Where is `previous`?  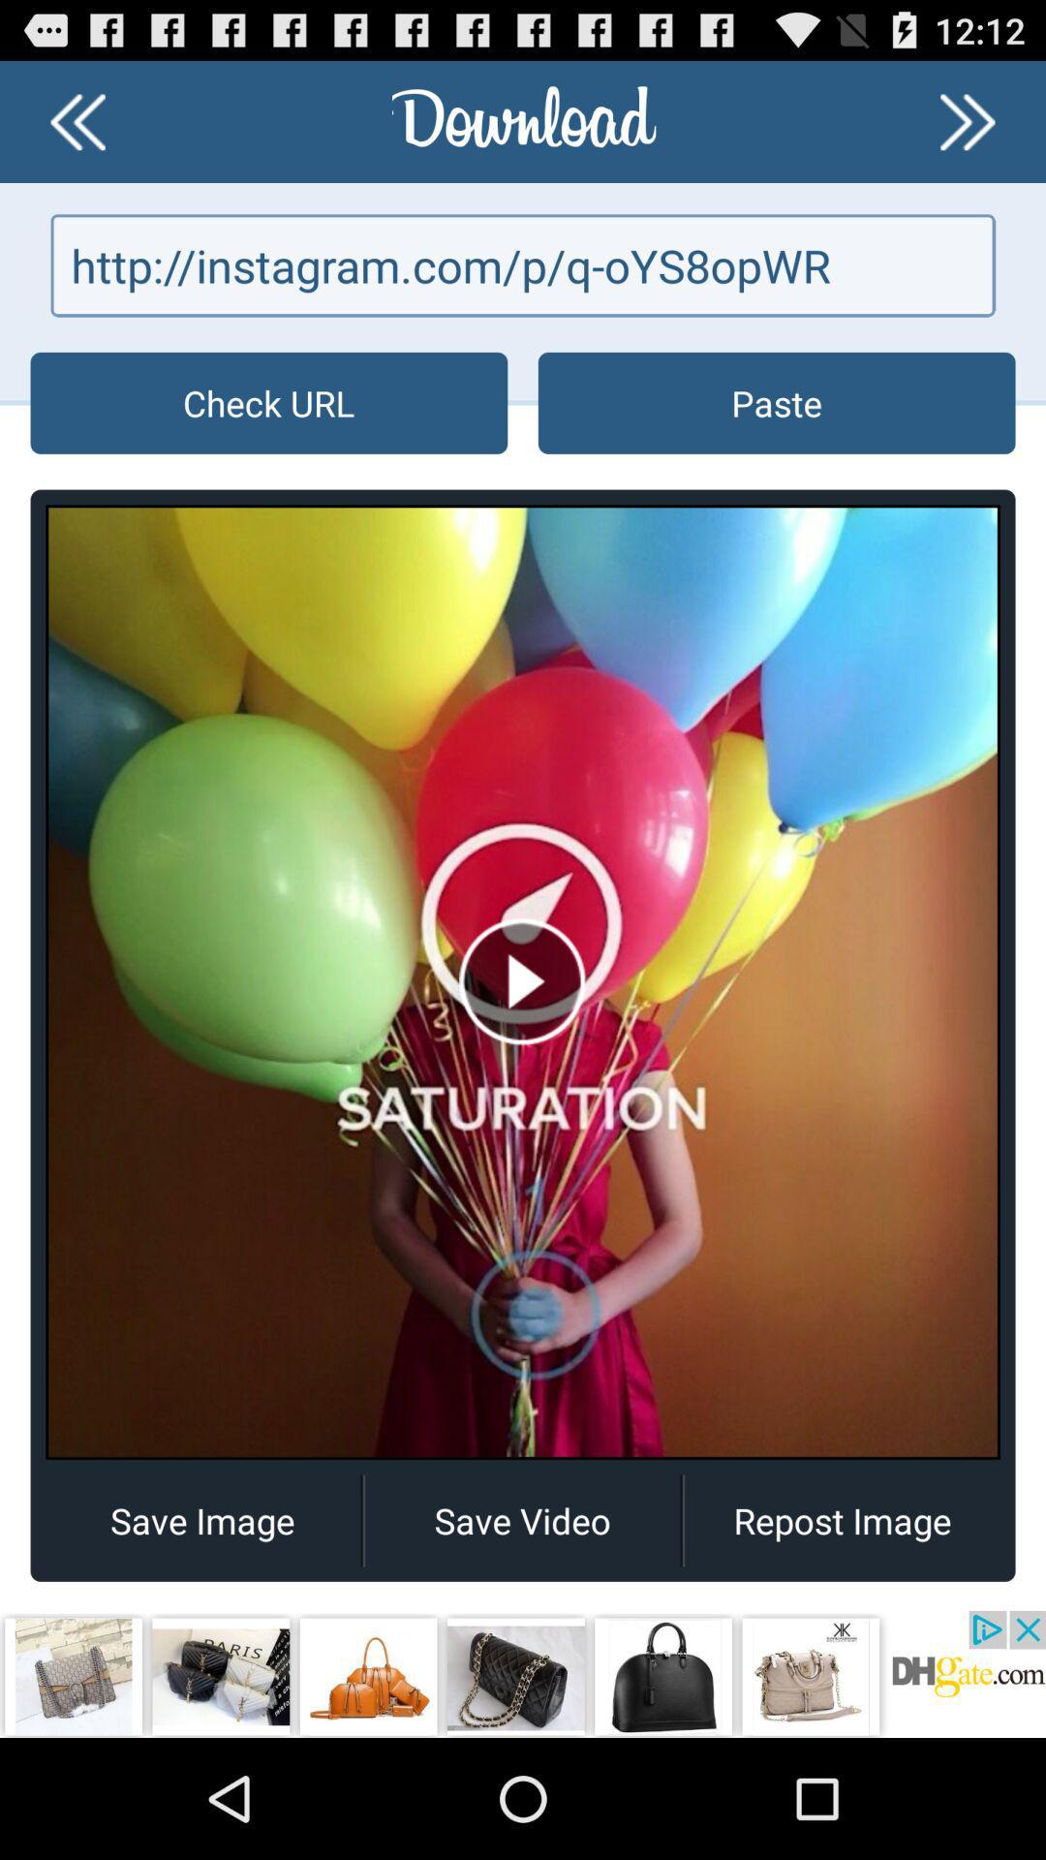 previous is located at coordinates (77, 120).